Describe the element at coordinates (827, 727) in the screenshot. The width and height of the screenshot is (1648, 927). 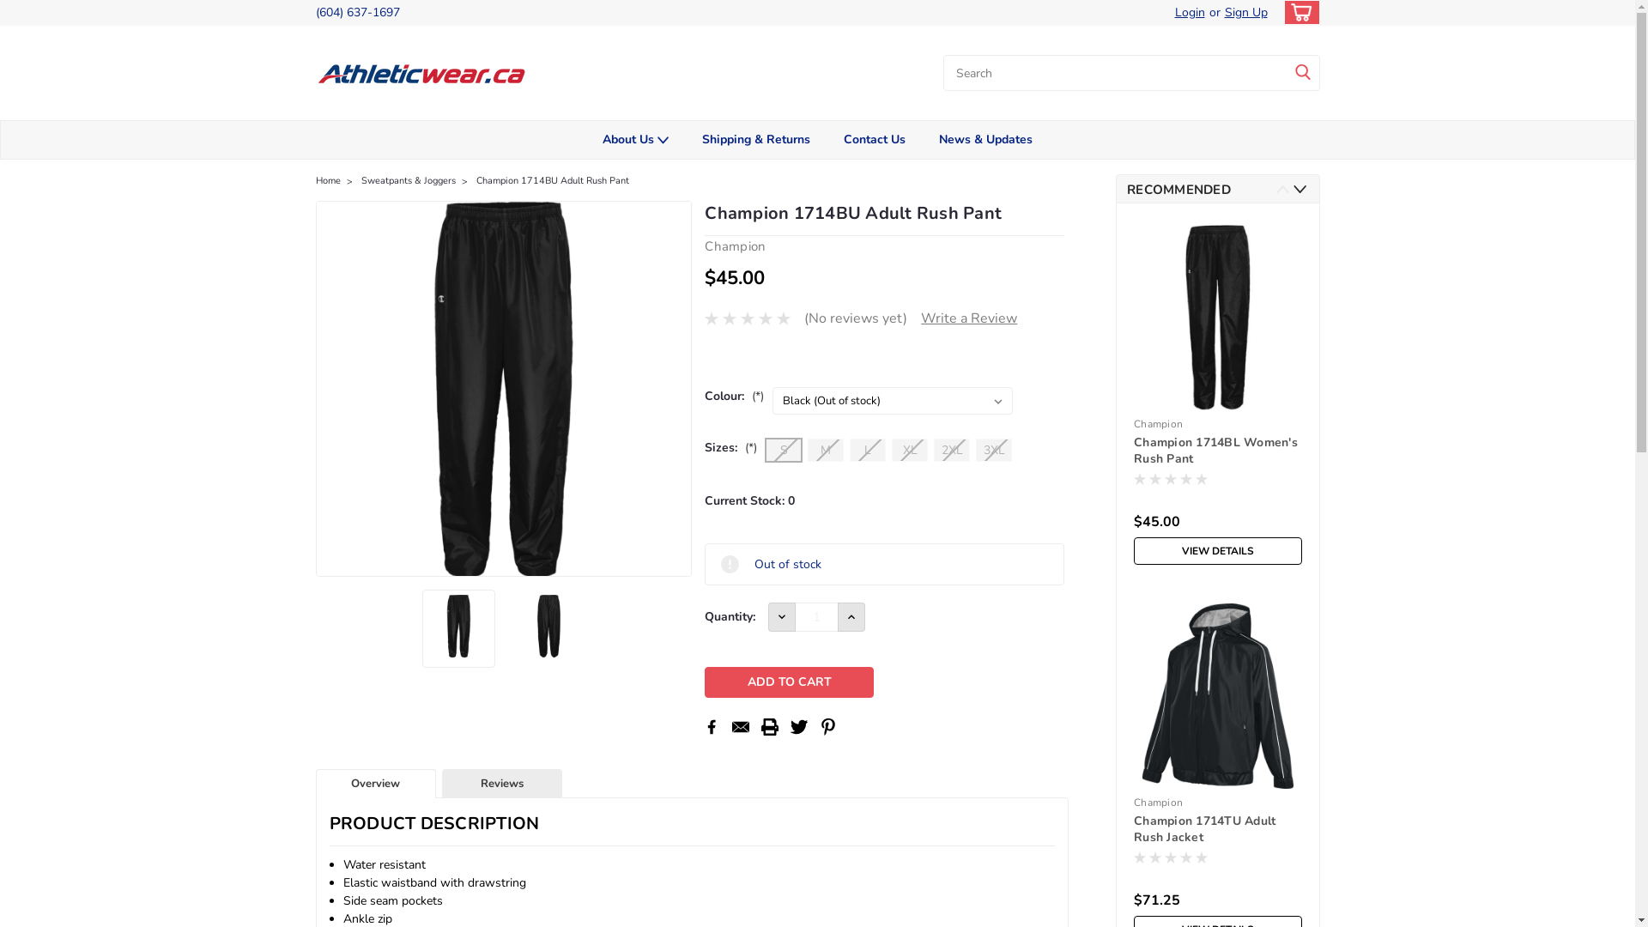
I see `'Pinterest'` at that location.